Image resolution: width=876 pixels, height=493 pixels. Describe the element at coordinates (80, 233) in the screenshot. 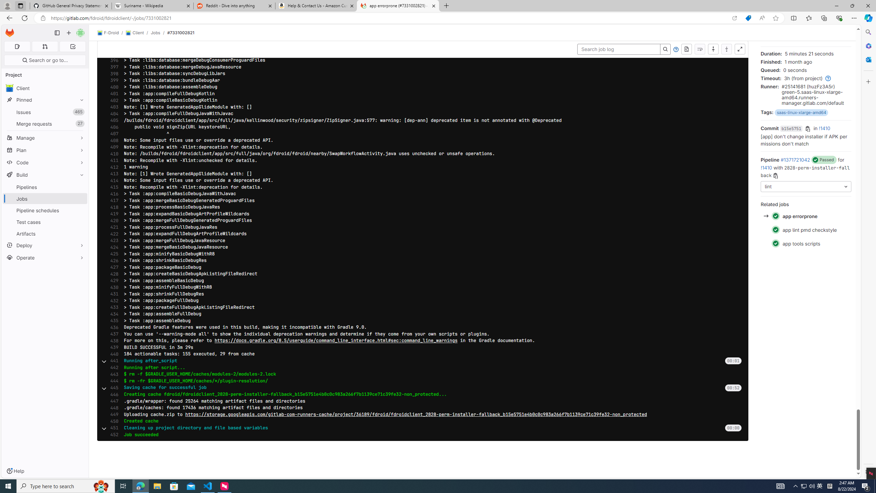

I see `'Pin Artifacts'` at that location.